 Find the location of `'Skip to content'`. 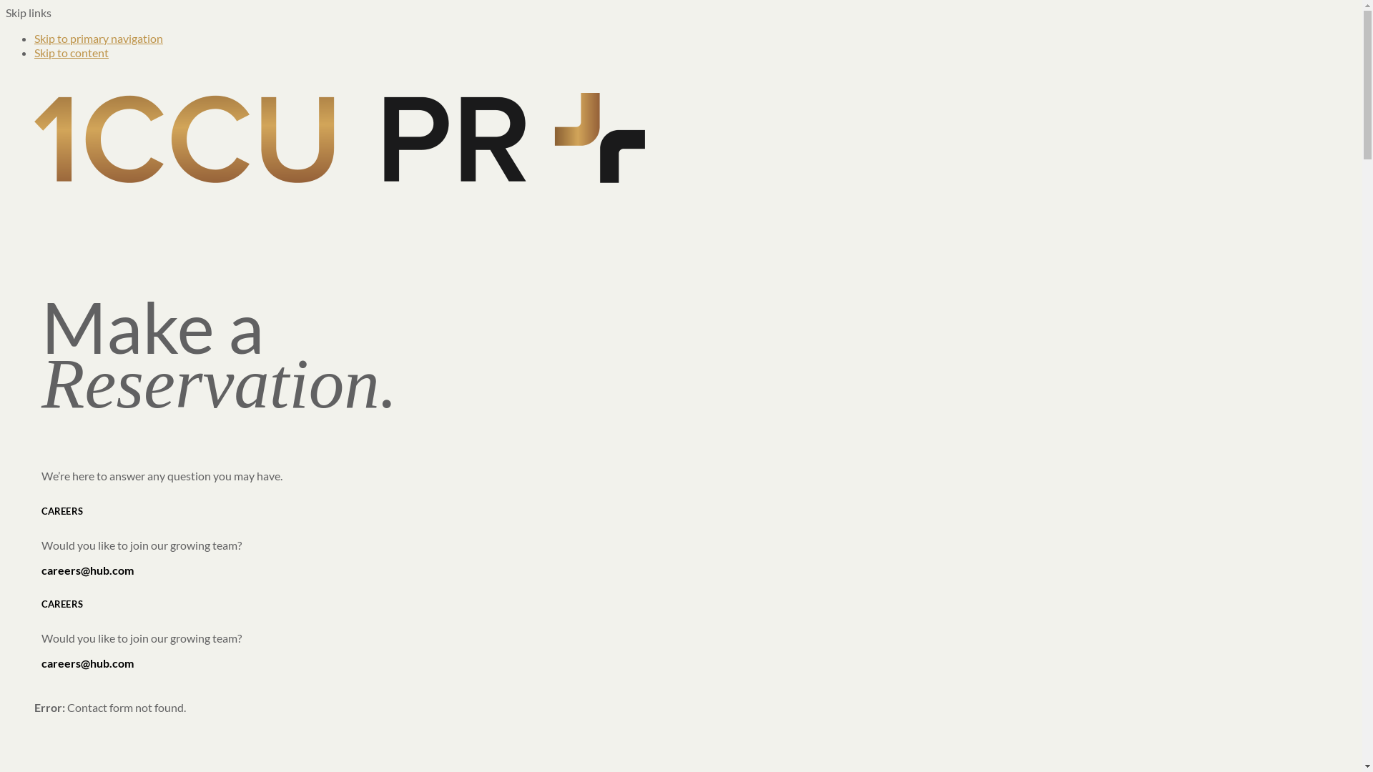

'Skip to content' is located at coordinates (71, 51).